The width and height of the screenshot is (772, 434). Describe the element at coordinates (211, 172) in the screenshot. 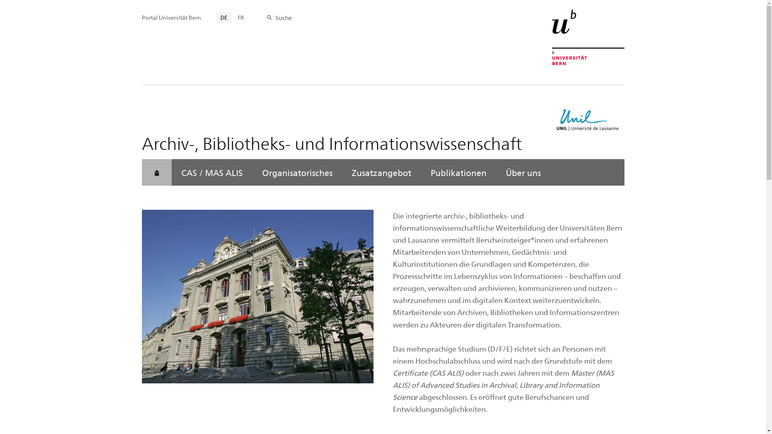

I see `'CAS / MAS ALIS'` at that location.